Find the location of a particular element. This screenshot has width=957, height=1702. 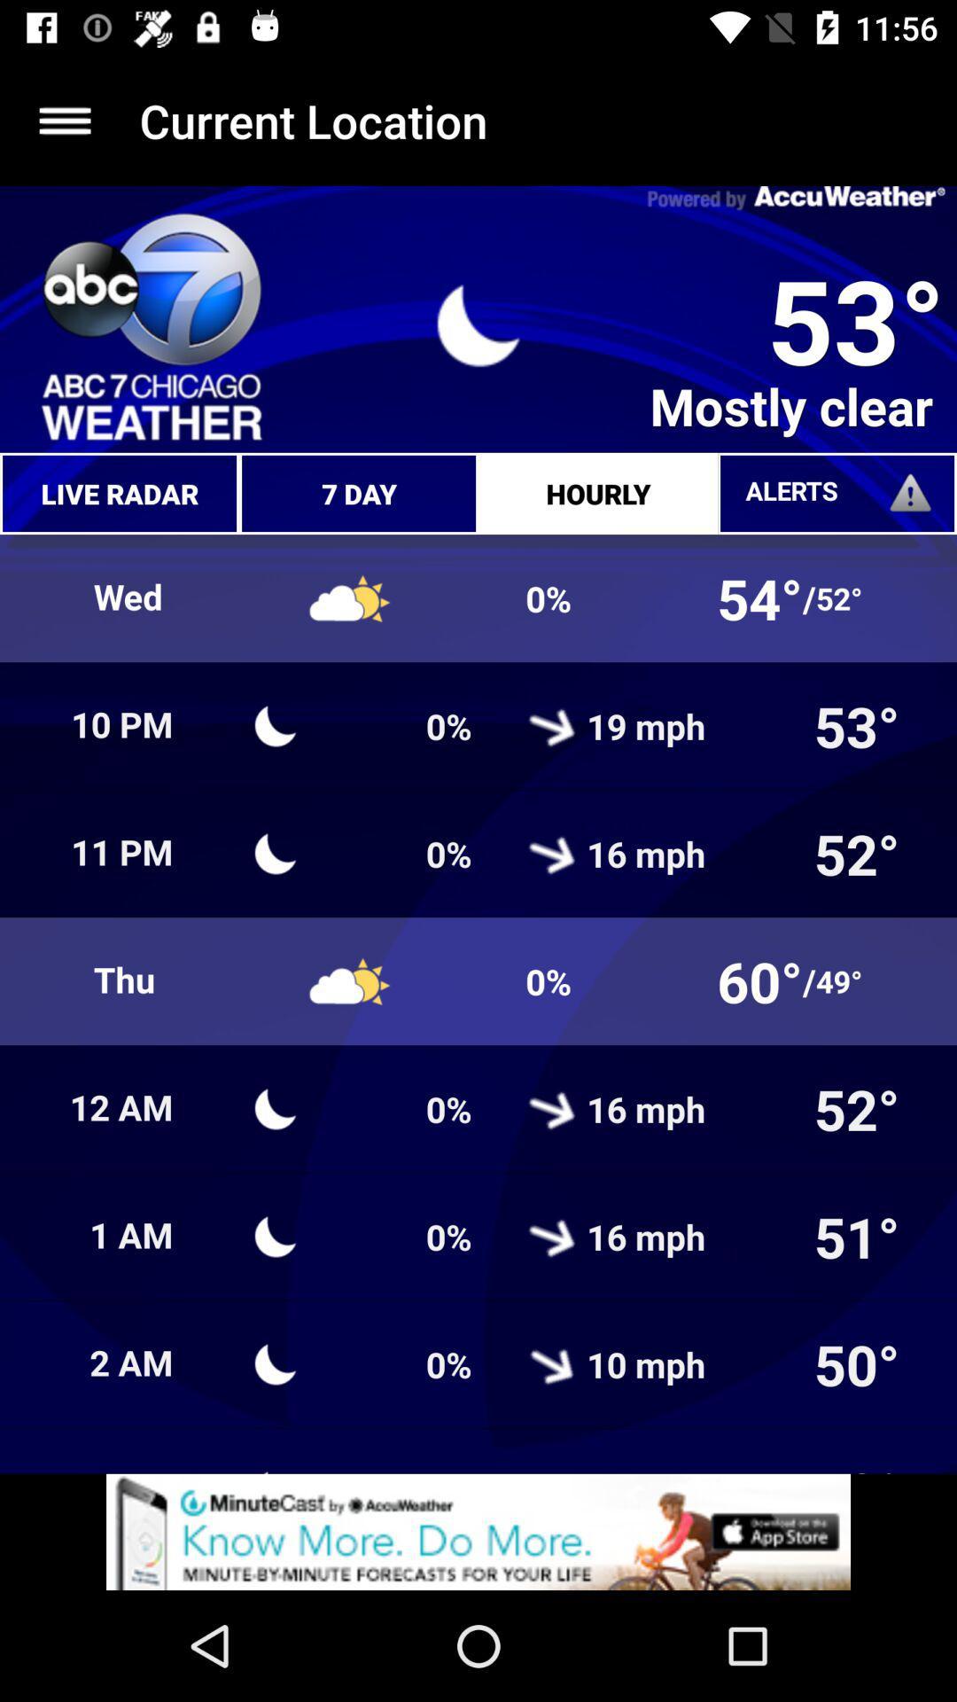

7 day which is above climate symbol is located at coordinates (359, 493).